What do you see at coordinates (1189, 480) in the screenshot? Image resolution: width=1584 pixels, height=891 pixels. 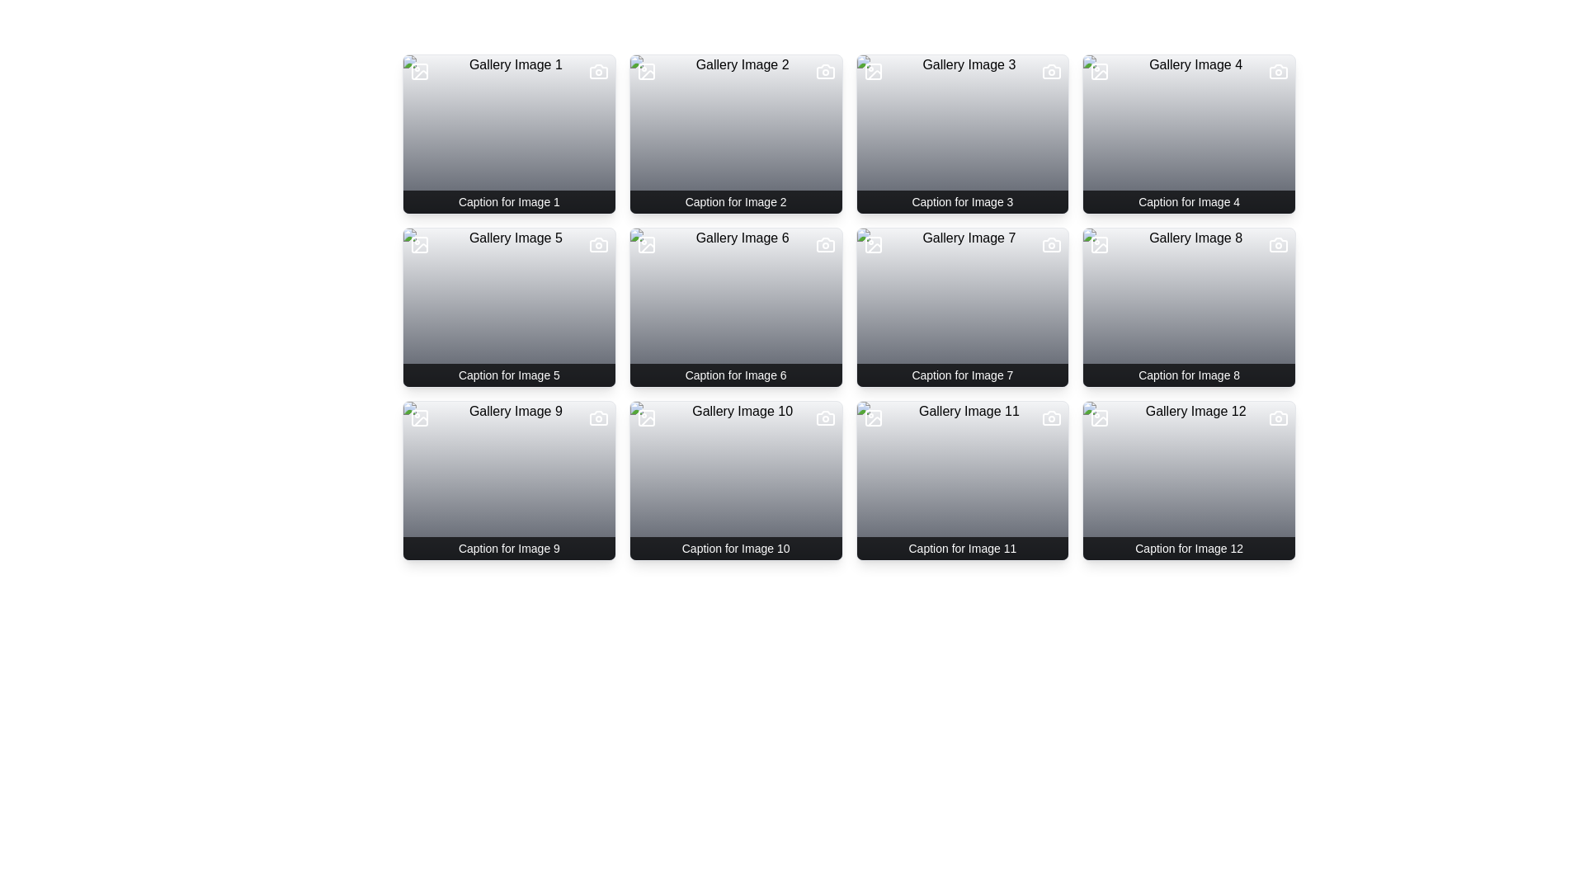 I see `semi-transparent gradient overlay covering the 'Gallery Image 12' thumbnail located at the bottom-right corner of the grid layout` at bounding box center [1189, 480].